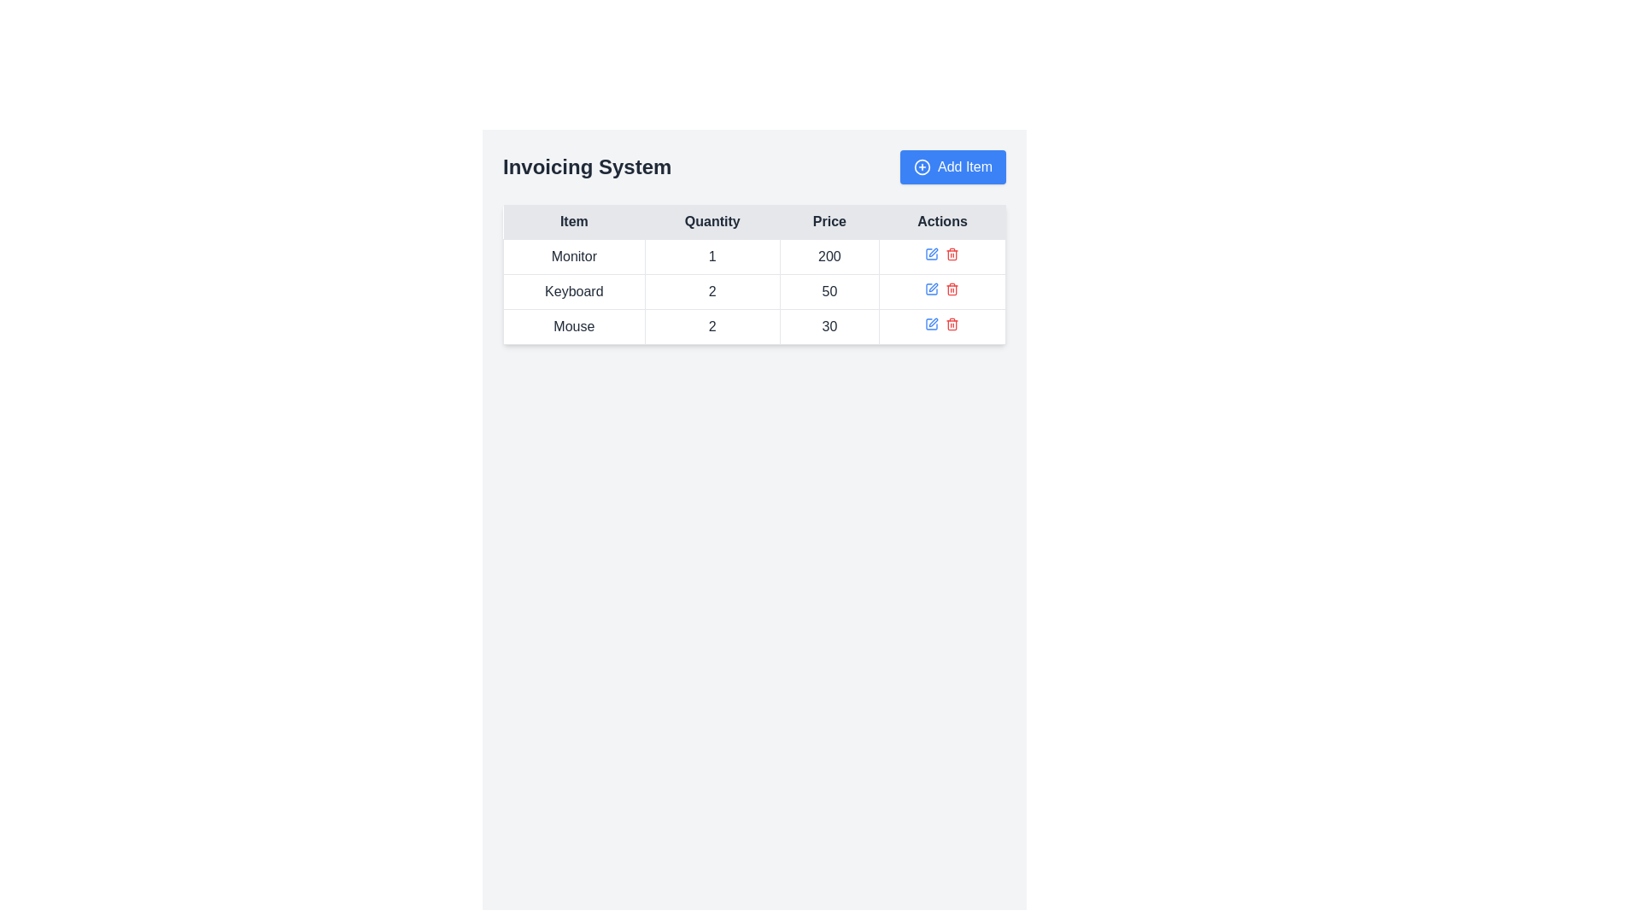 The width and height of the screenshot is (1640, 922). Describe the element at coordinates (574, 221) in the screenshot. I see `static text label 'Item' located in the top row of the table, which is the first column header with a light gray background and bold, dark-colored text` at that location.